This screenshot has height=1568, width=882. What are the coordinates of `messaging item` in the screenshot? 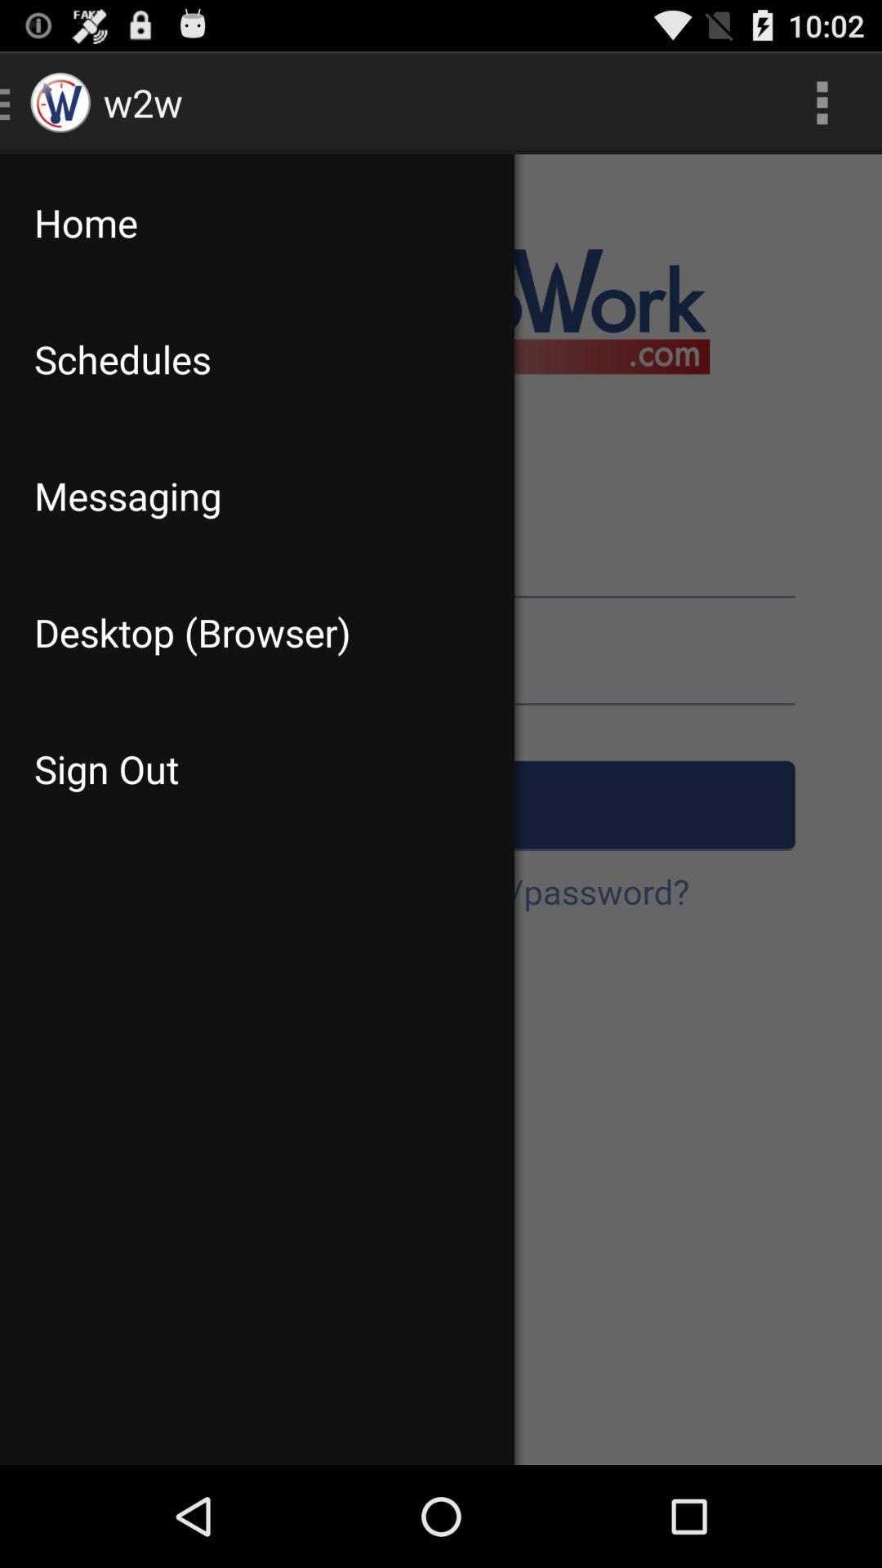 It's located at (257, 495).